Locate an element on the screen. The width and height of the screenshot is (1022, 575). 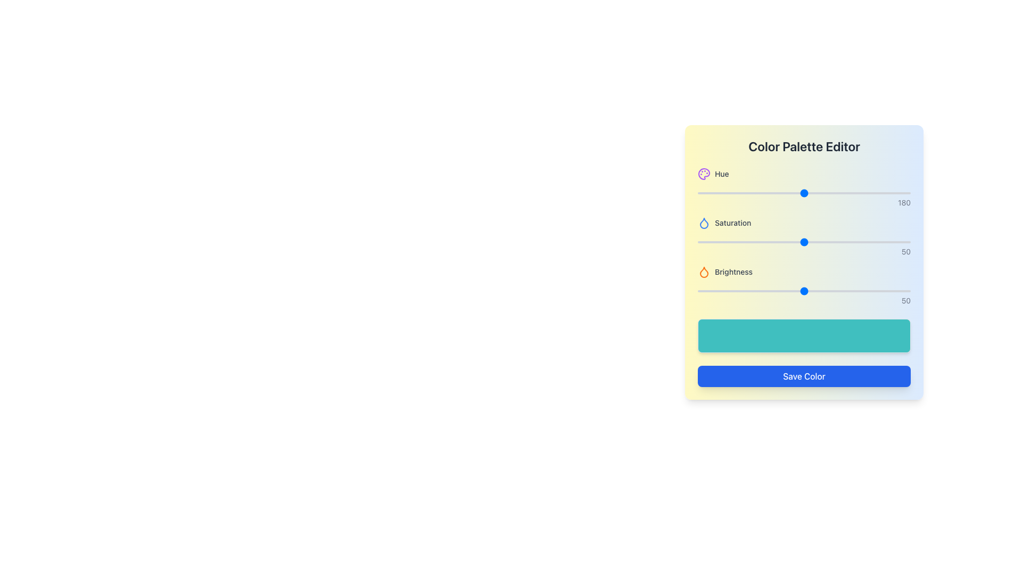
the slider value is located at coordinates (895, 242).